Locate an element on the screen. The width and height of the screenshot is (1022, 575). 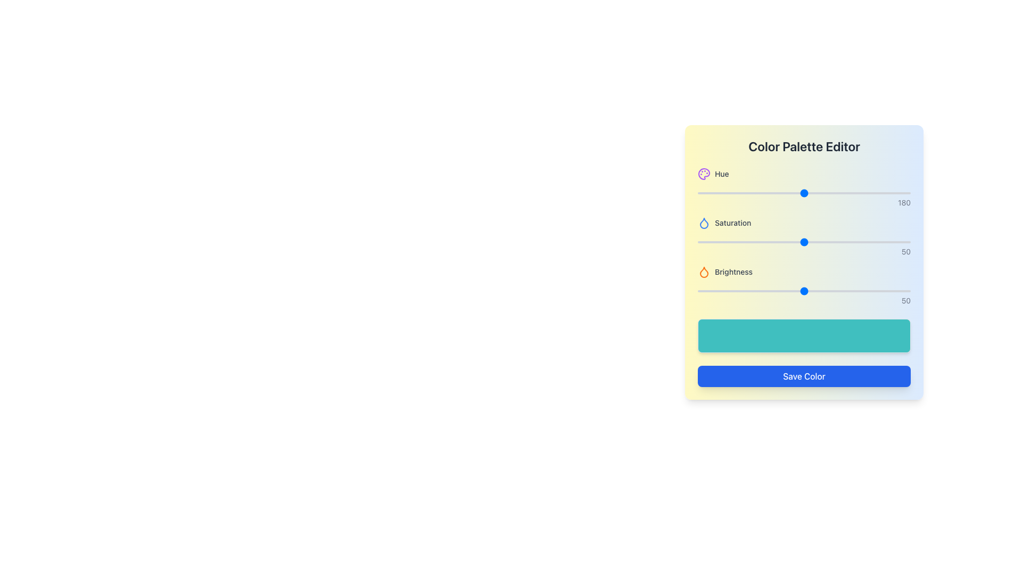
the slider value is located at coordinates (895, 242).